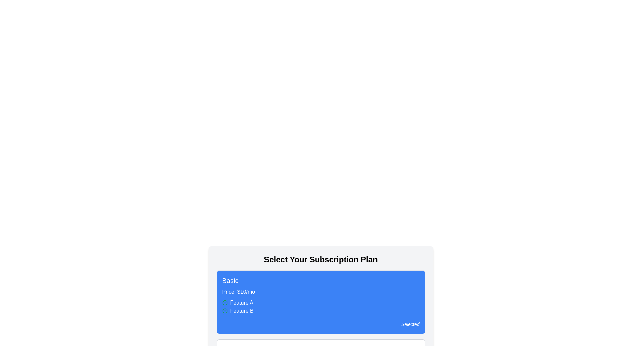 Image resolution: width=642 pixels, height=361 pixels. Describe the element at coordinates (241, 303) in the screenshot. I see `the Text Label displaying 'Feature A' which is part of the subscription plan UI under the 'Basic' plan` at that location.